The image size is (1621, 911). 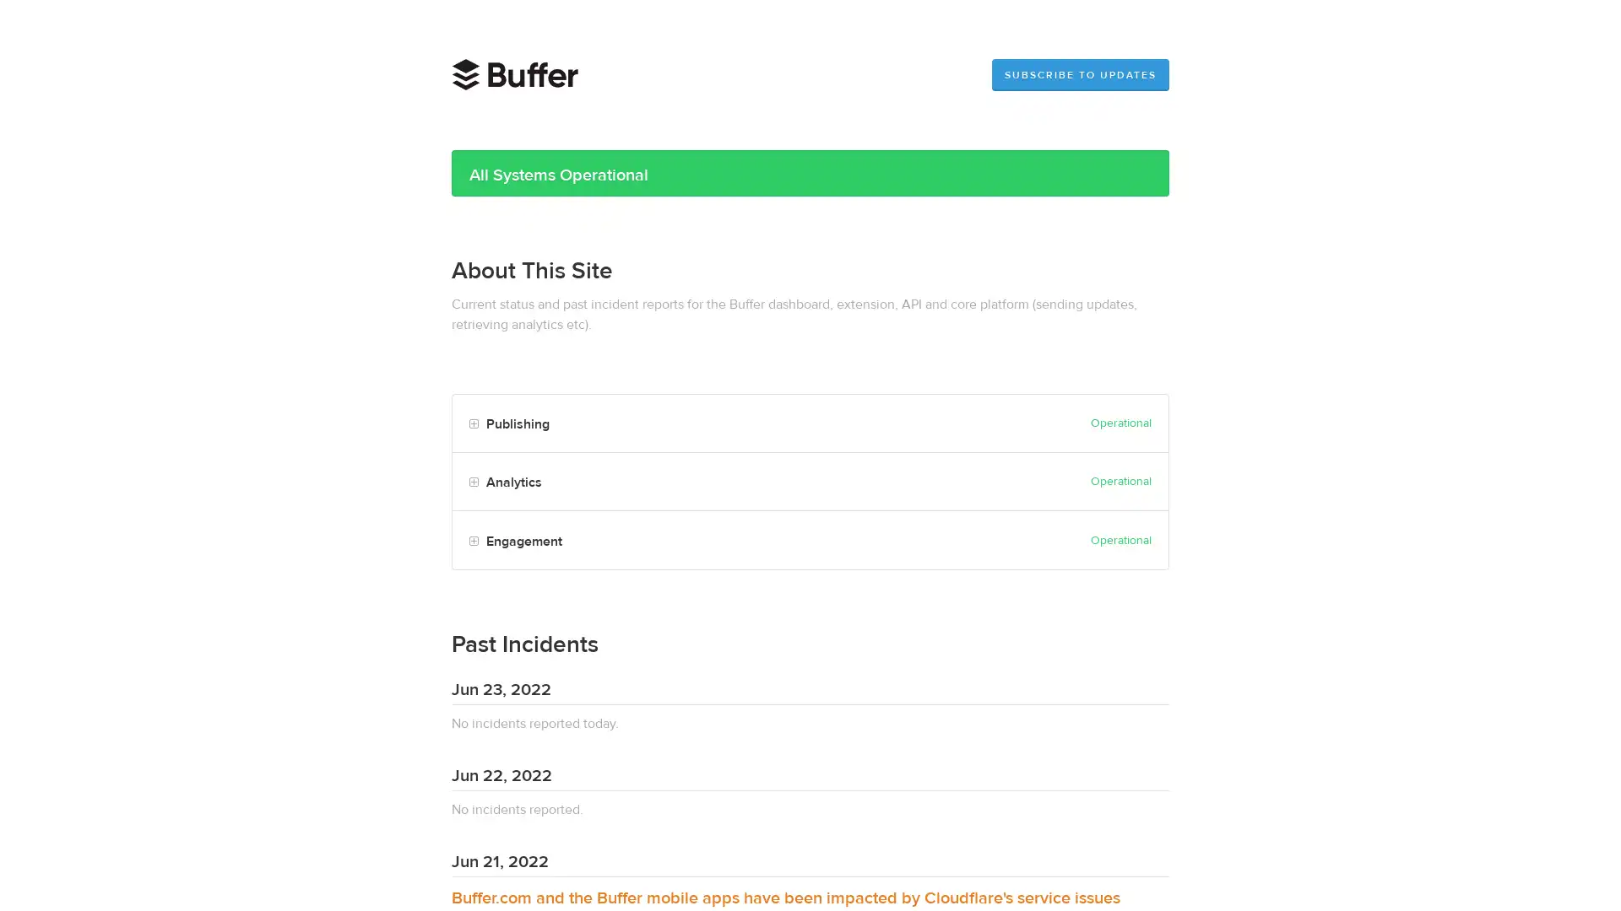 What do you see at coordinates (473, 541) in the screenshot?
I see `Toggle Engagement` at bounding box center [473, 541].